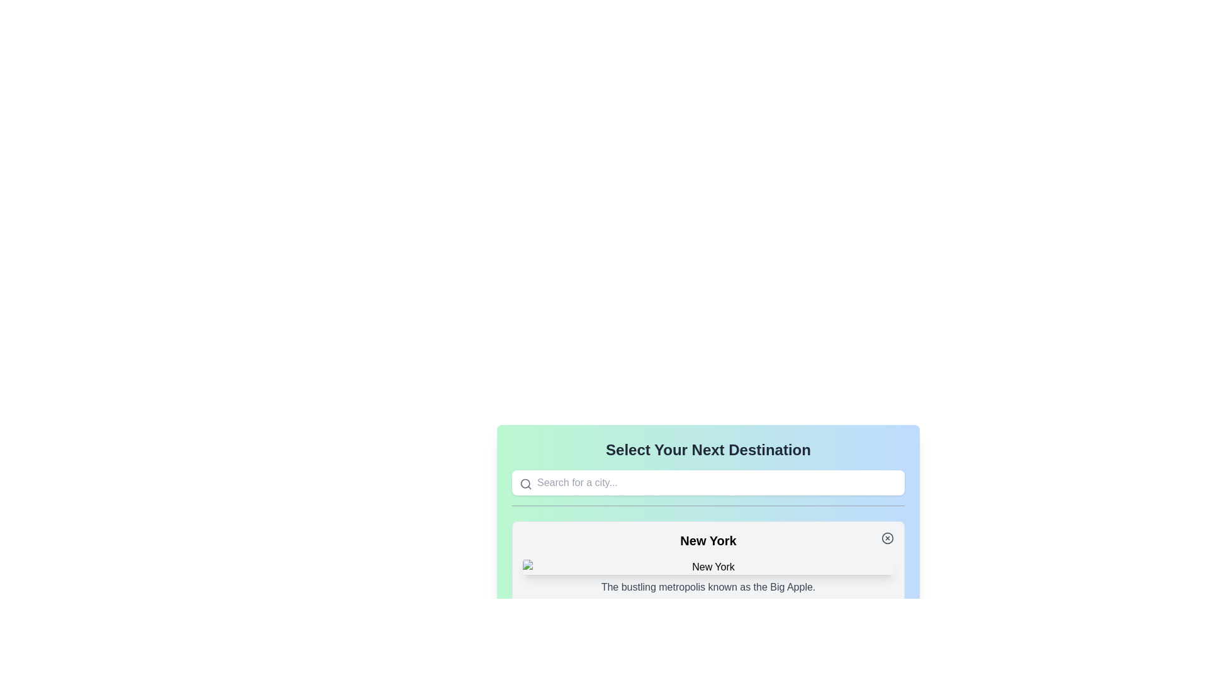 The height and width of the screenshot is (680, 1208). What do you see at coordinates (708, 473) in the screenshot?
I see `the header section titled 'Select Your Next Destination', which includes a search box with the placeholder 'Search for a city...' and is positioned at the top of a card-like interface` at bounding box center [708, 473].